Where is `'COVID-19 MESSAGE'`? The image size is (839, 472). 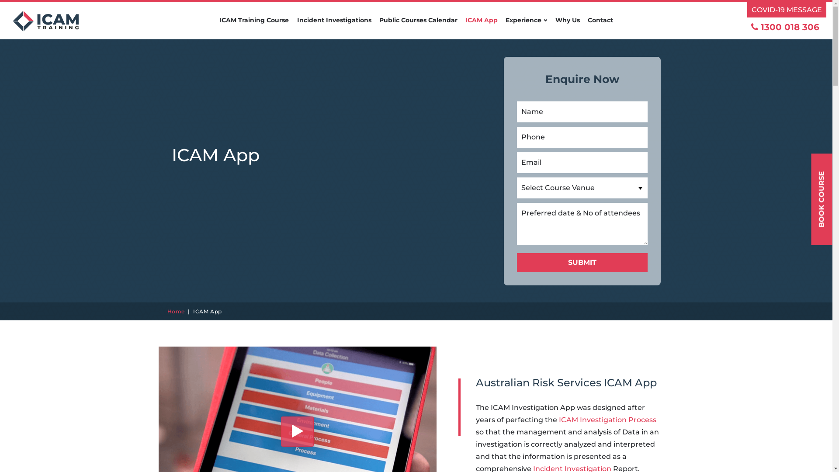 'COVID-19 MESSAGE' is located at coordinates (787, 10).